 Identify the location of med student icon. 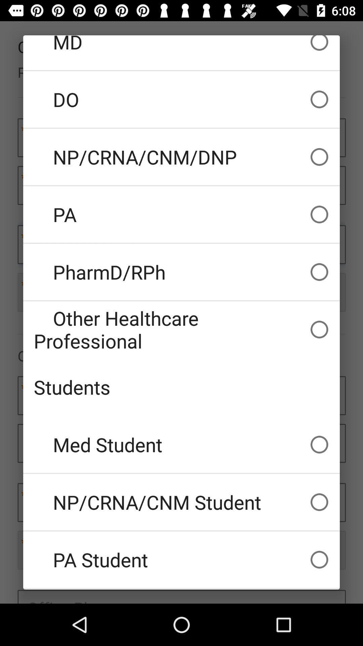
(182, 444).